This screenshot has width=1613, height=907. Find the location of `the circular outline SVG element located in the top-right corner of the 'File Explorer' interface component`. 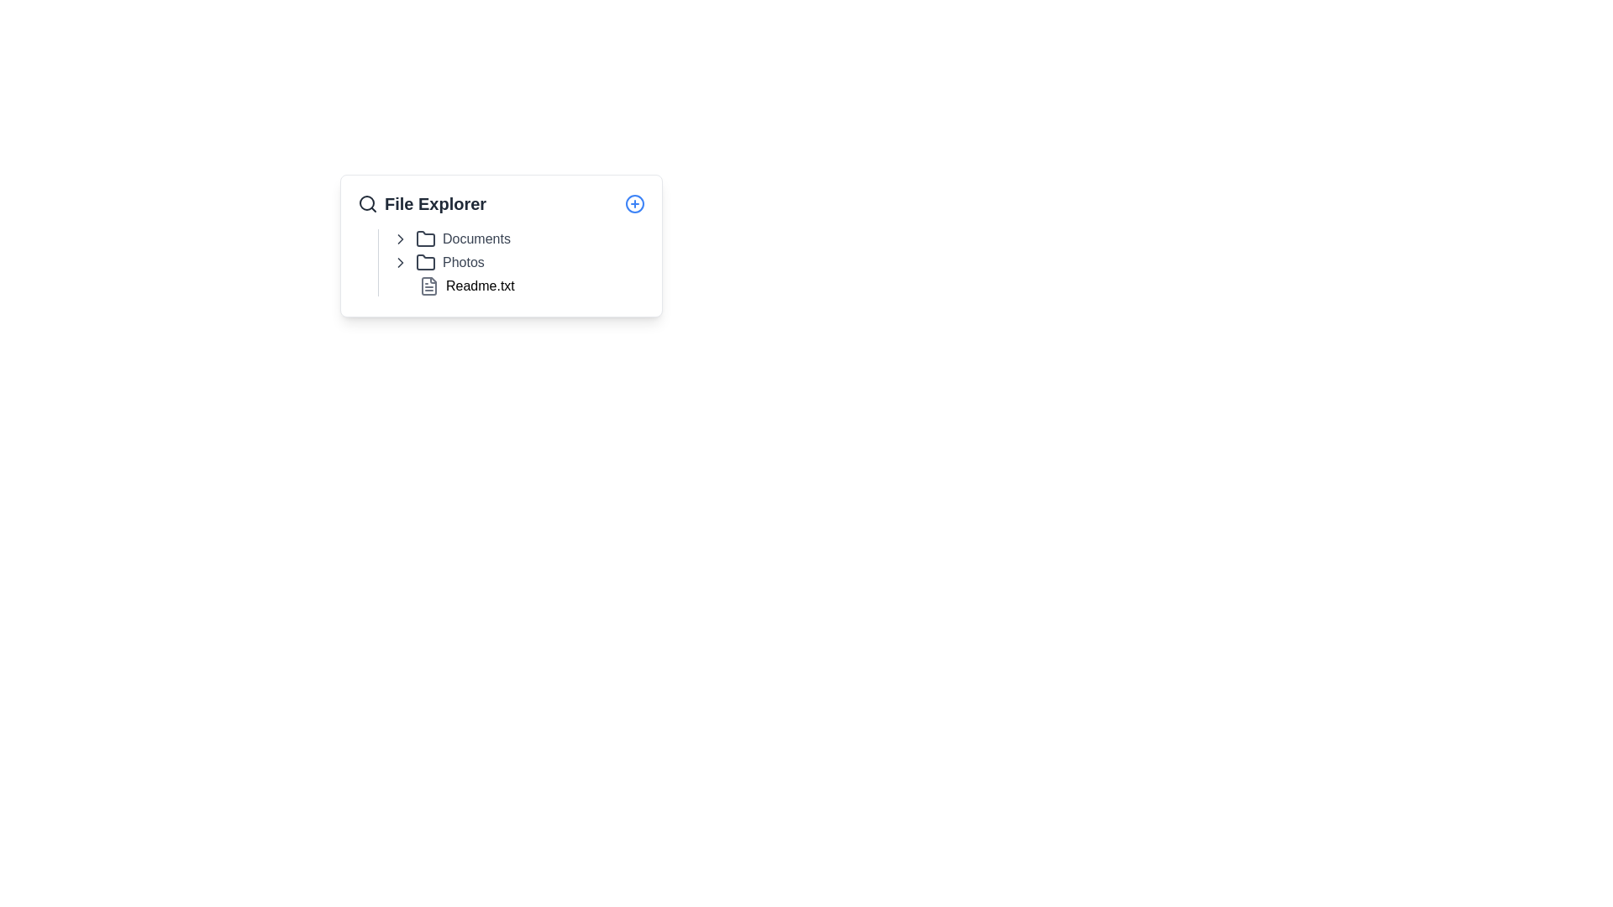

the circular outline SVG element located in the top-right corner of the 'File Explorer' interface component is located at coordinates (633, 203).